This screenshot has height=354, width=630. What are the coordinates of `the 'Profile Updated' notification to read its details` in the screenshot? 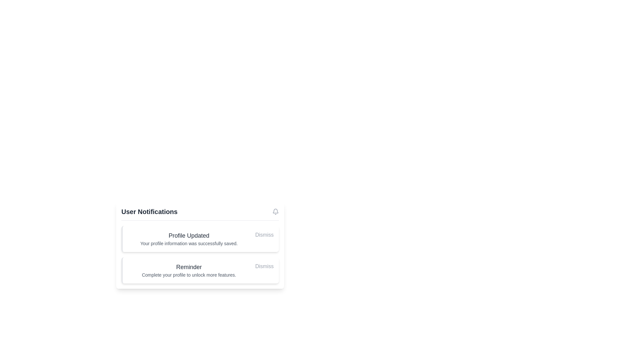 It's located at (189, 239).